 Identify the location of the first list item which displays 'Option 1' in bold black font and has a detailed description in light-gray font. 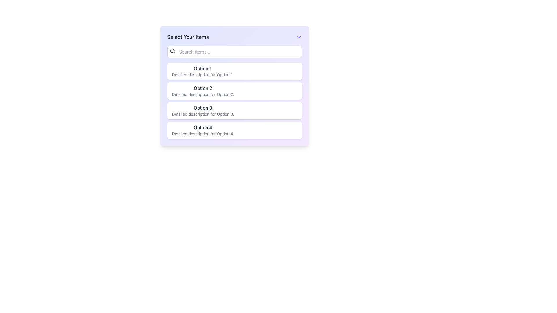
(202, 71).